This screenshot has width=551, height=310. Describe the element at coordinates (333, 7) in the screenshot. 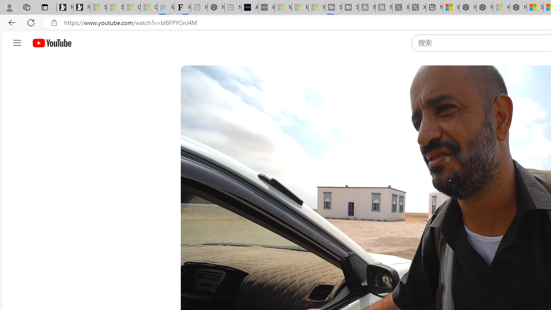

I see `'Streaming Coverage | T3 - Sleeping'` at that location.